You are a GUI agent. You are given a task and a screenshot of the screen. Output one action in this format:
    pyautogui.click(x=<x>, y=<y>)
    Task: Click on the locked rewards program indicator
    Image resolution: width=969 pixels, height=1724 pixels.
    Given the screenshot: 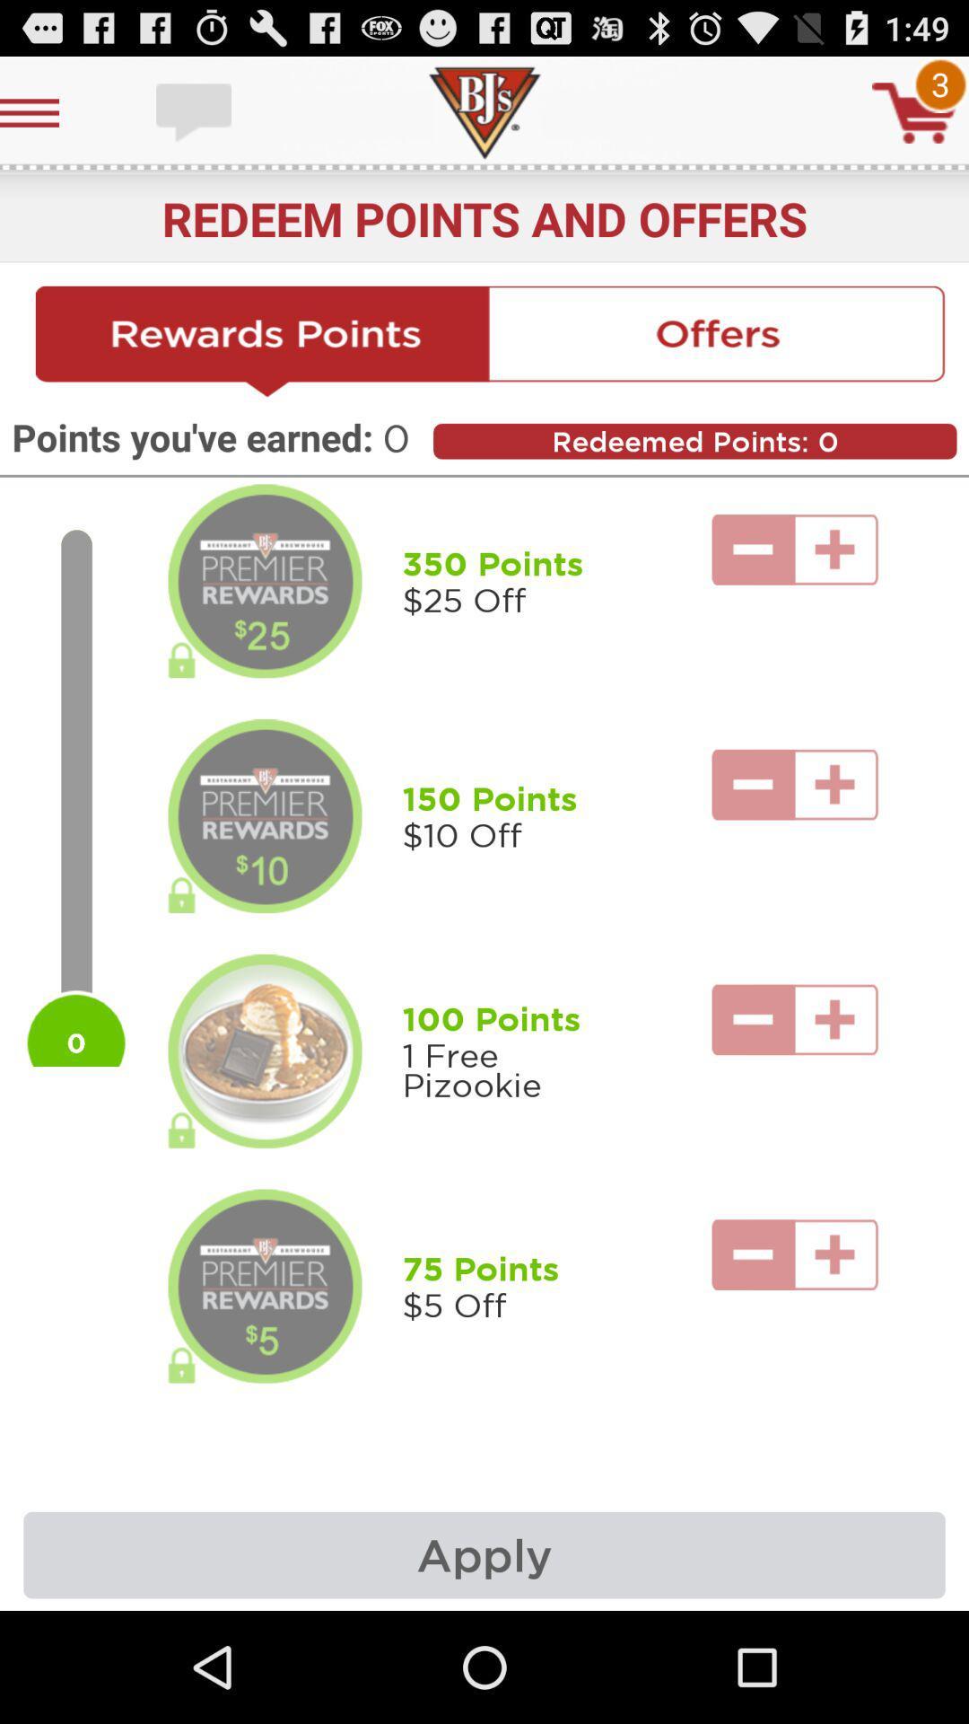 What is the action you would take?
    pyautogui.click(x=265, y=815)
    